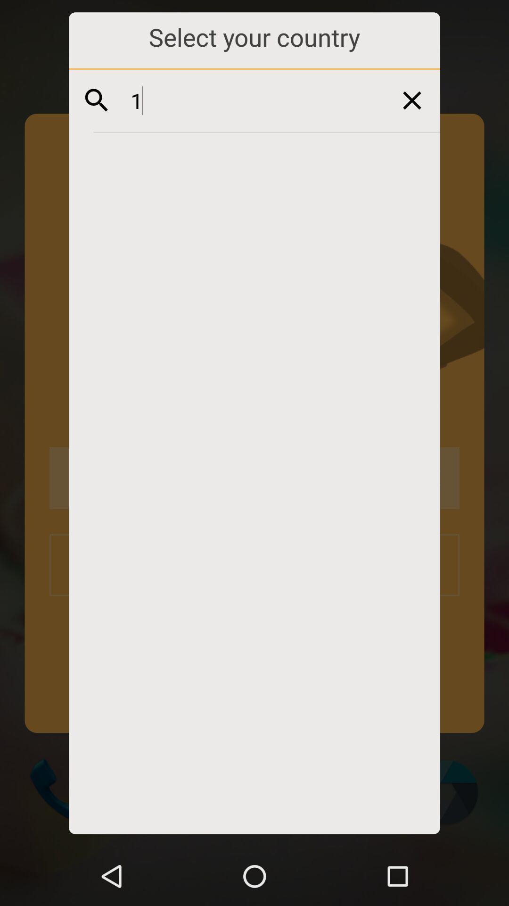 The width and height of the screenshot is (509, 906). What do you see at coordinates (411, 100) in the screenshot?
I see `clear input` at bounding box center [411, 100].